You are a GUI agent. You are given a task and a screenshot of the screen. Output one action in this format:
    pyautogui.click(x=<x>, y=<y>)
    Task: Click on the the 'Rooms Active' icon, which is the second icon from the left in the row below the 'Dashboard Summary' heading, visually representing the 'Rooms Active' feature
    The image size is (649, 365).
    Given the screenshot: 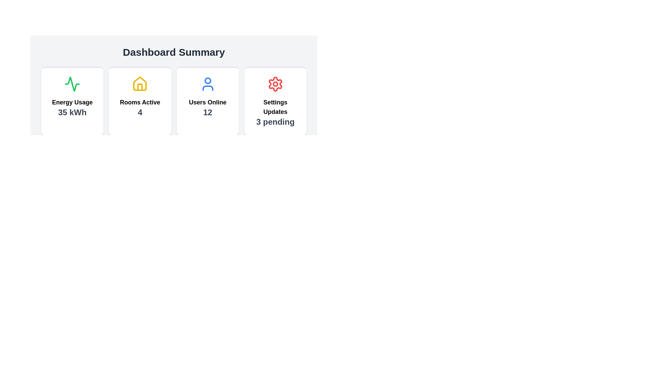 What is the action you would take?
    pyautogui.click(x=140, y=83)
    